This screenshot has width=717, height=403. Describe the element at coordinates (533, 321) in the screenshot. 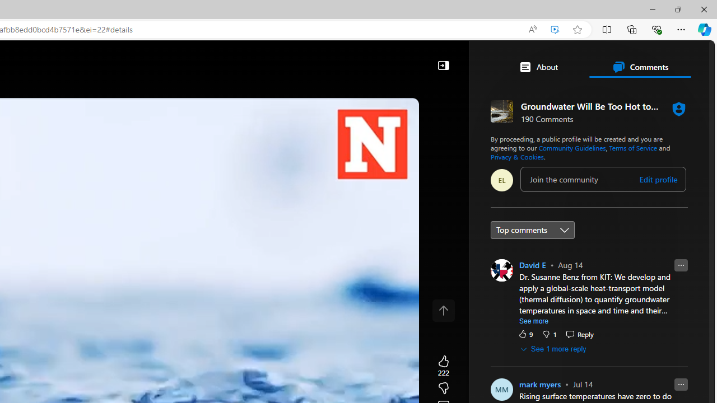

I see `'See more'` at that location.